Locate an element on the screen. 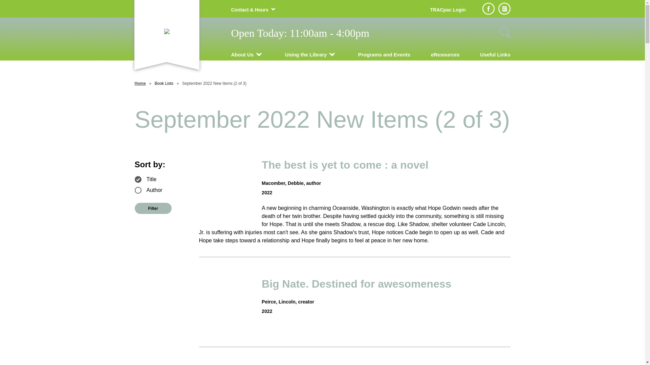  'Newsletter sign up' is located at coordinates (504, 9).